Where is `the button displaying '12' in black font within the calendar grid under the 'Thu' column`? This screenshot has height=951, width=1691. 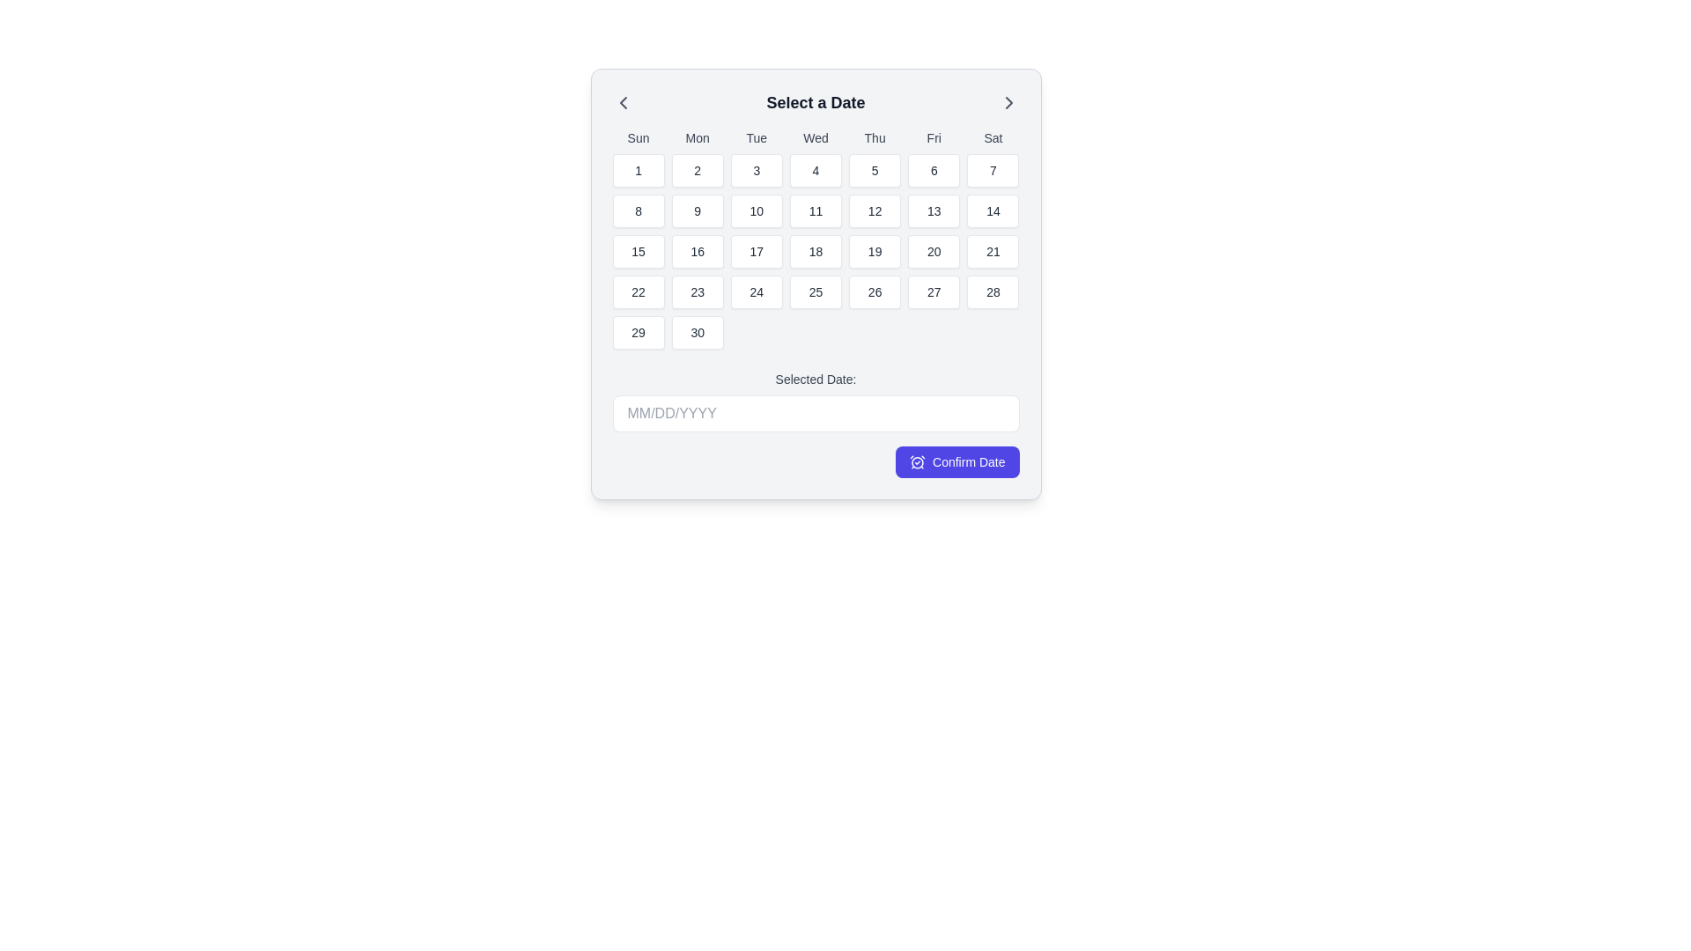
the button displaying '12' in black font within the calendar grid under the 'Thu' column is located at coordinates (875, 210).